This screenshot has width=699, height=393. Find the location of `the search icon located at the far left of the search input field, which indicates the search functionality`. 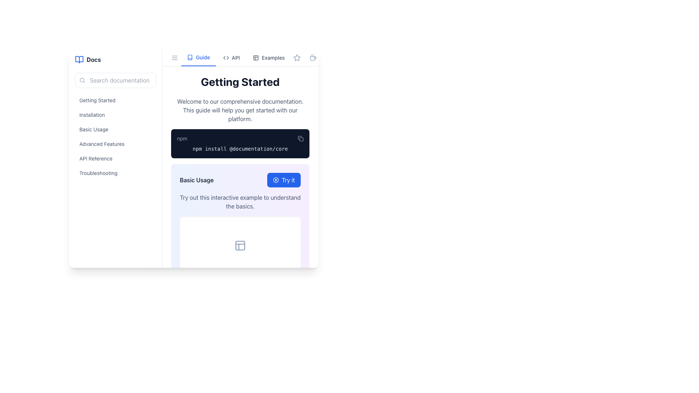

the search icon located at the far left of the search input field, which indicates the search functionality is located at coordinates (82, 80).